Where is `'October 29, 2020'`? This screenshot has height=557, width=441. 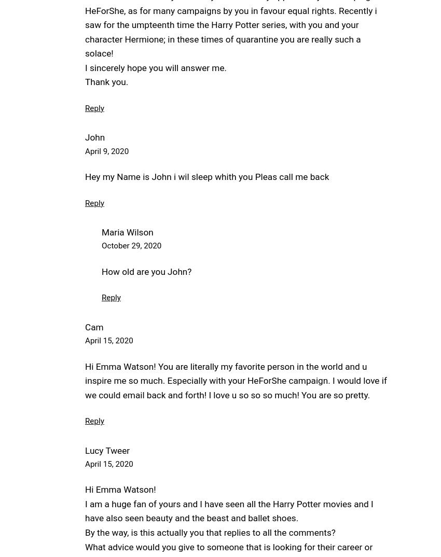
'October 29, 2020' is located at coordinates (131, 245).